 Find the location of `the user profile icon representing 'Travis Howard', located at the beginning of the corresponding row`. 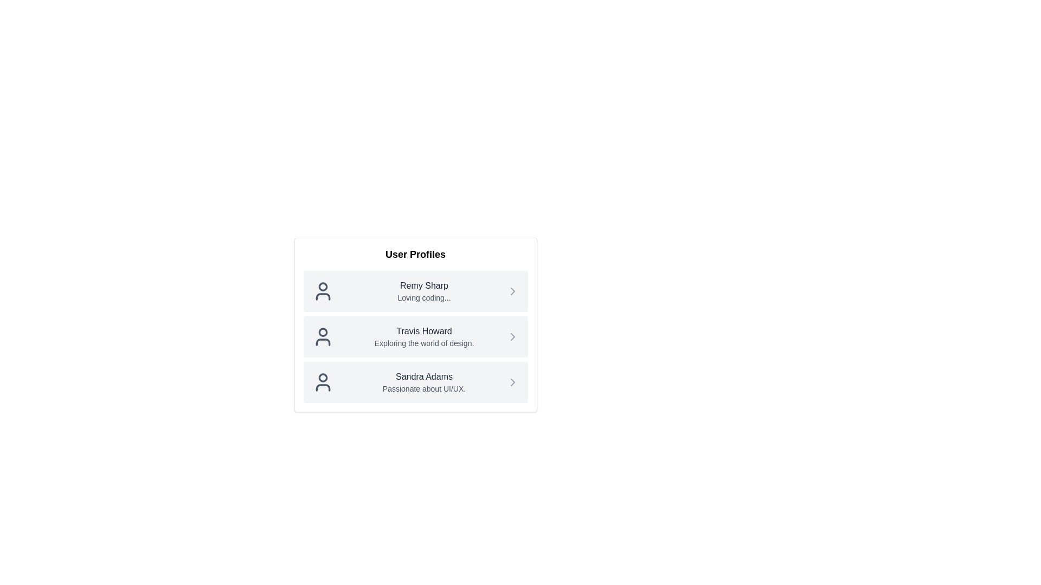

the user profile icon representing 'Travis Howard', located at the beginning of the corresponding row is located at coordinates (322, 336).